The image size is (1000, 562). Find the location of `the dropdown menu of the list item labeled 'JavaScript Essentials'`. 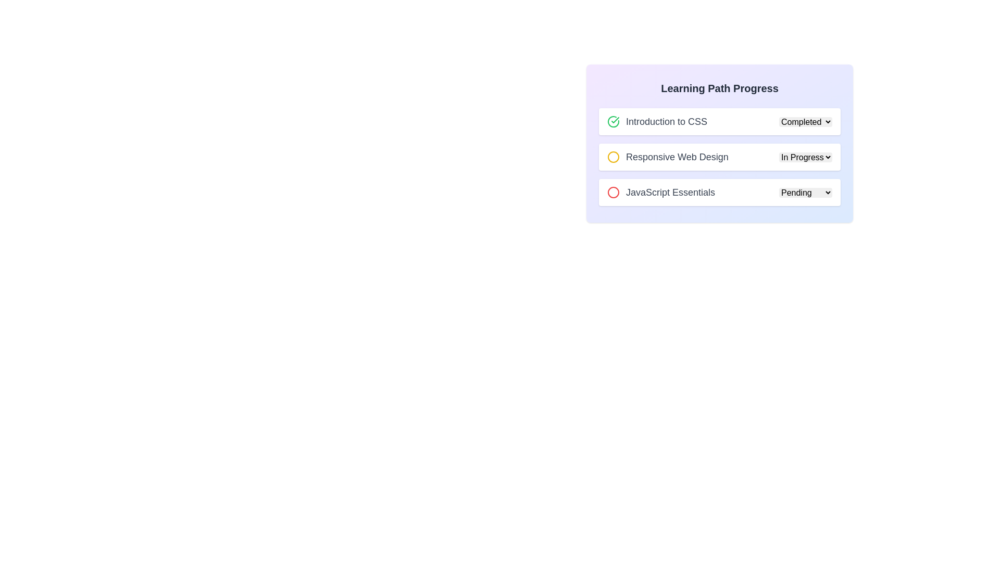

the dropdown menu of the list item labeled 'JavaScript Essentials' is located at coordinates (719, 193).